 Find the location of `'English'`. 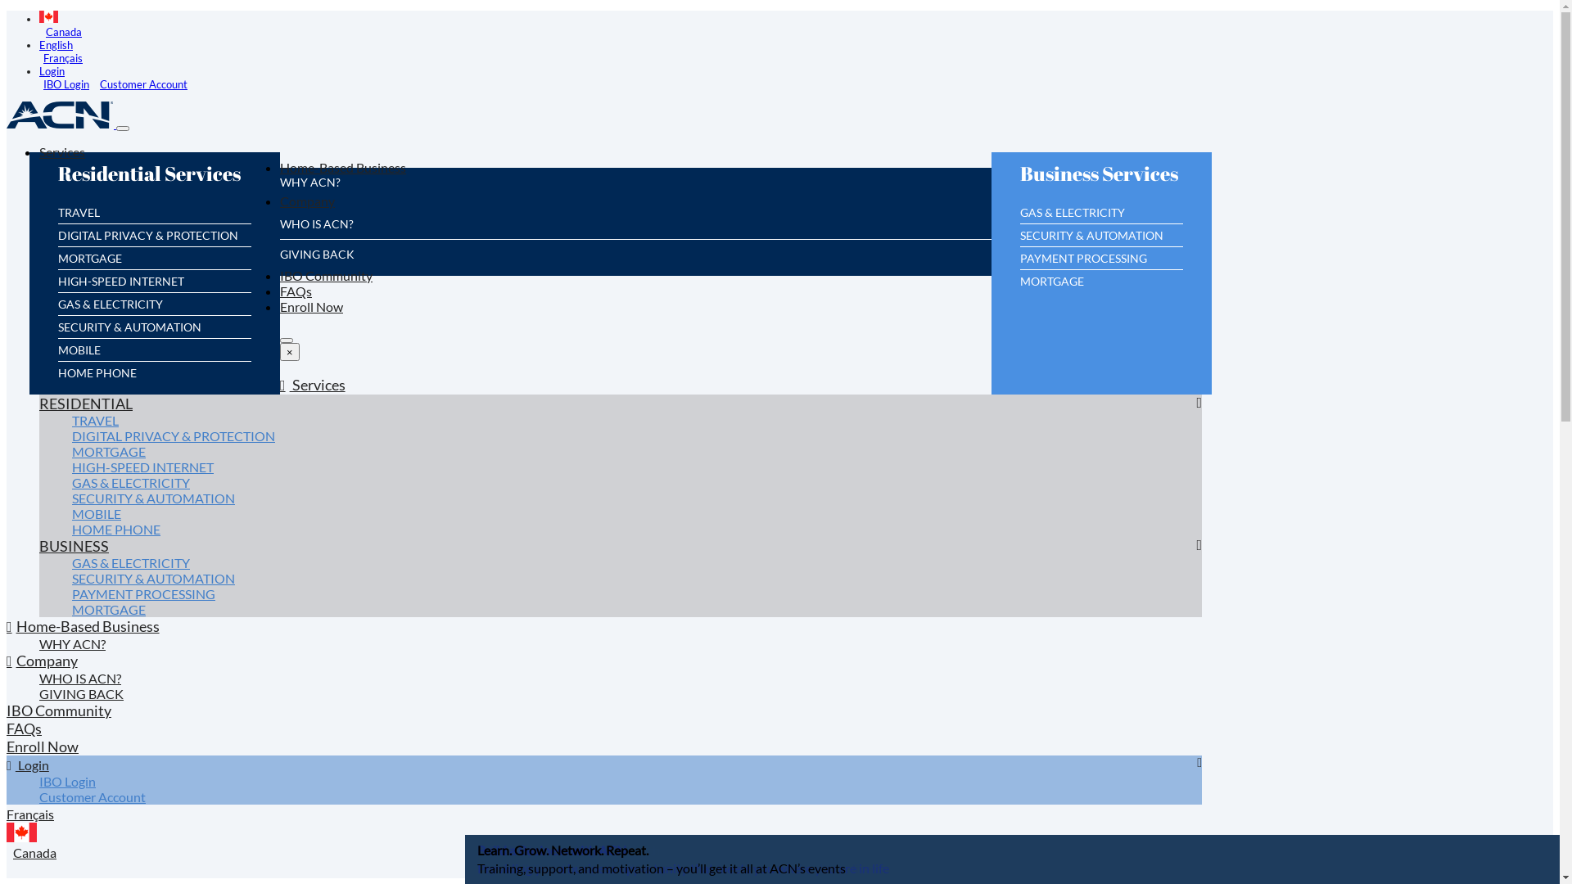

'English' is located at coordinates (56, 43).